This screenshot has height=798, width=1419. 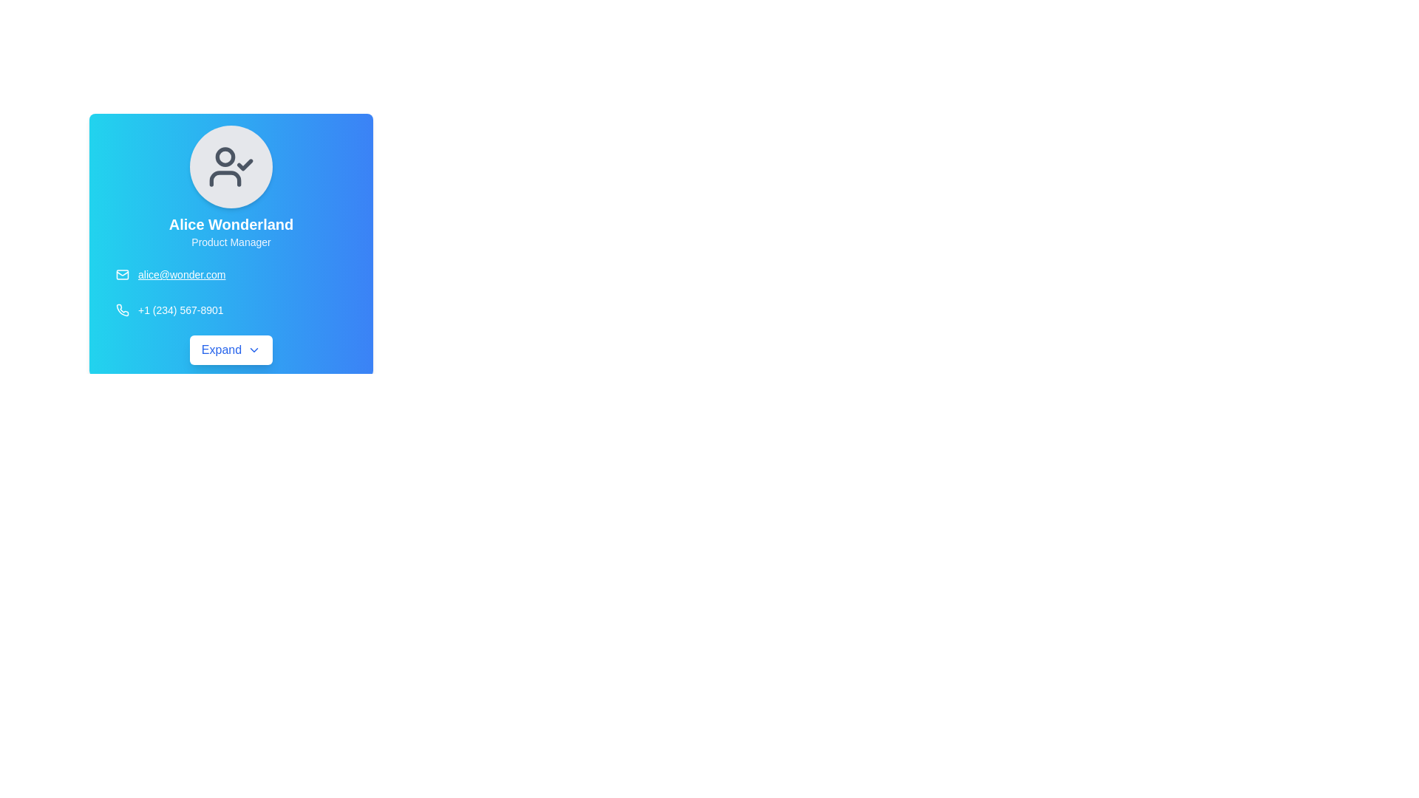 I want to click on the Text label that indicates the job title or role associated with 'Alice Wonderland', located directly beneath her name, so click(x=230, y=241).